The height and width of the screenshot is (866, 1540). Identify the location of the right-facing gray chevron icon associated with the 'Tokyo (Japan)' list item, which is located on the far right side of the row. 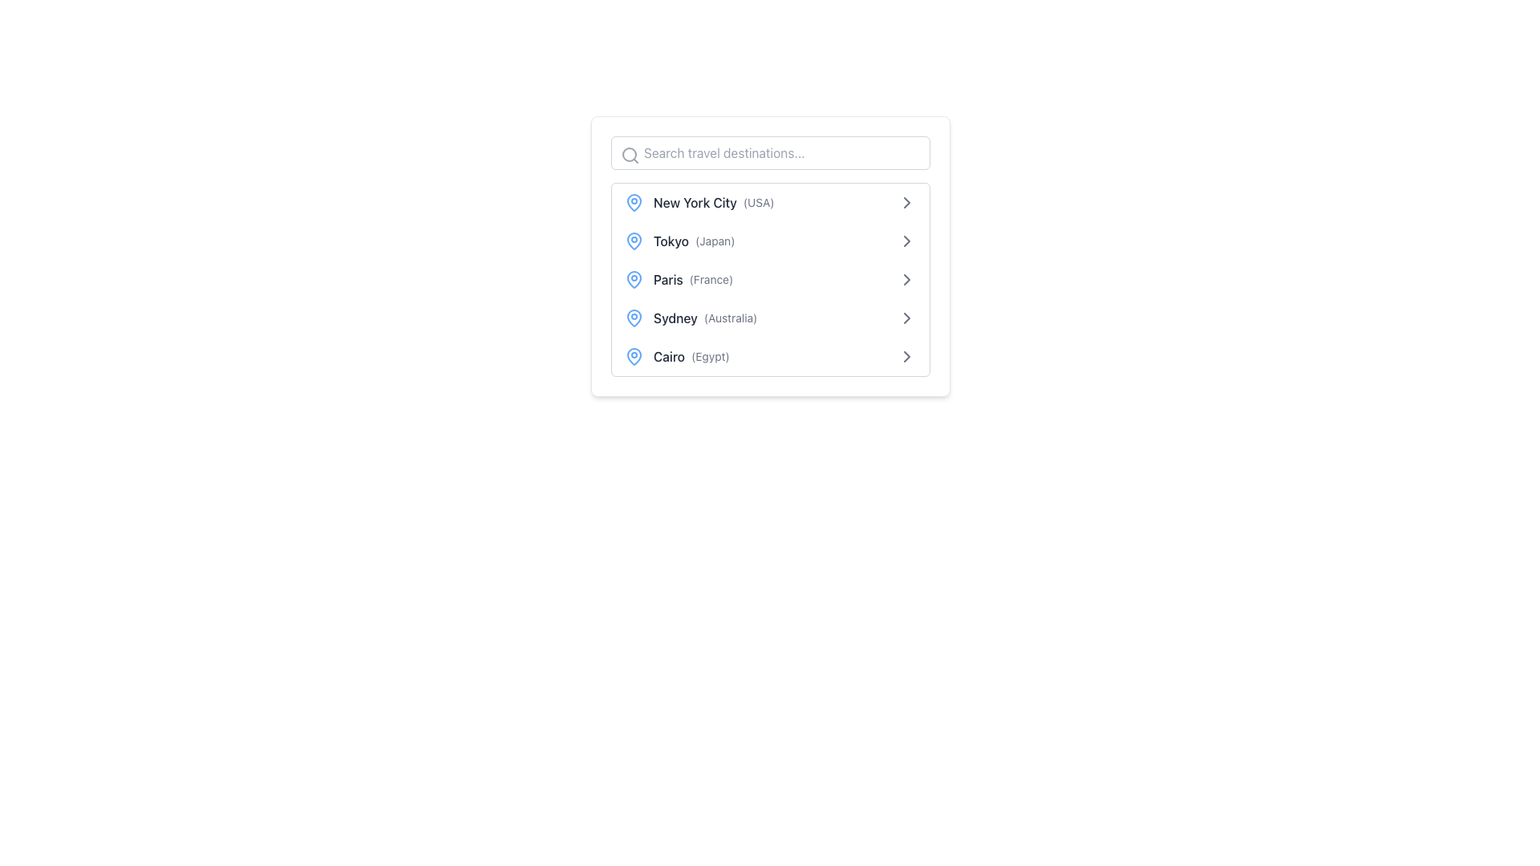
(907, 241).